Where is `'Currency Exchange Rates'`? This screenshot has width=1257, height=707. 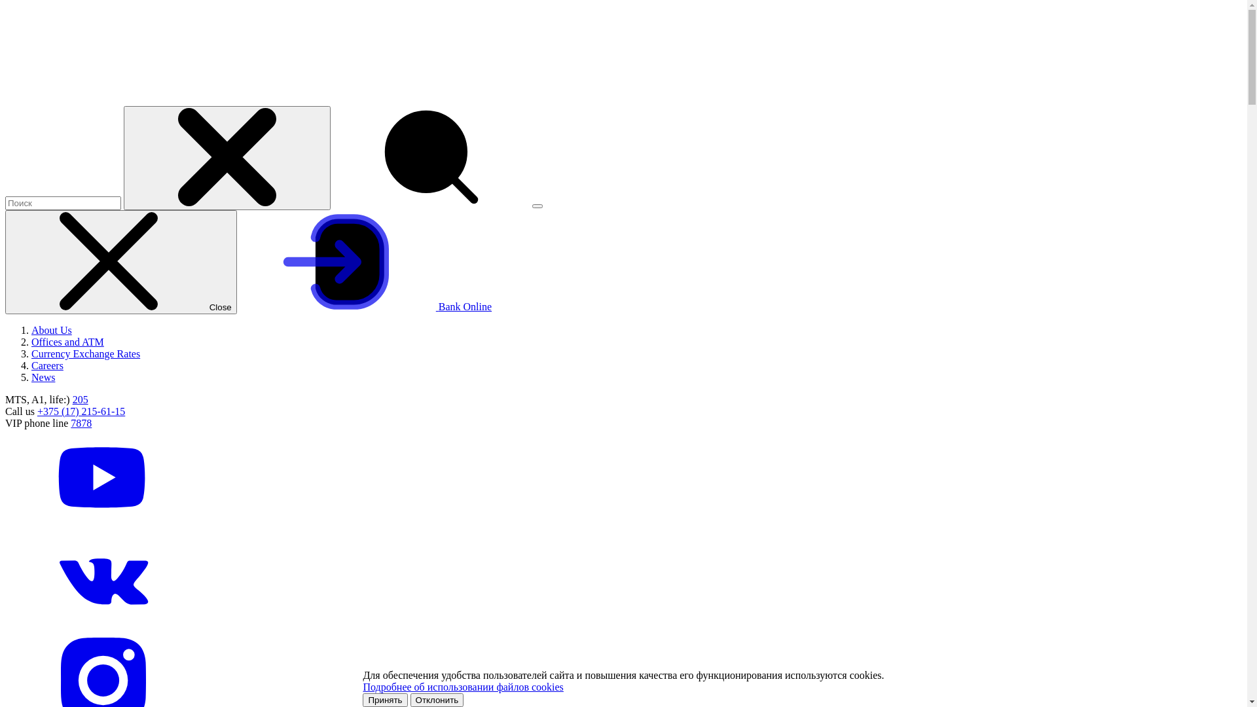
'Currency Exchange Rates' is located at coordinates (84, 353).